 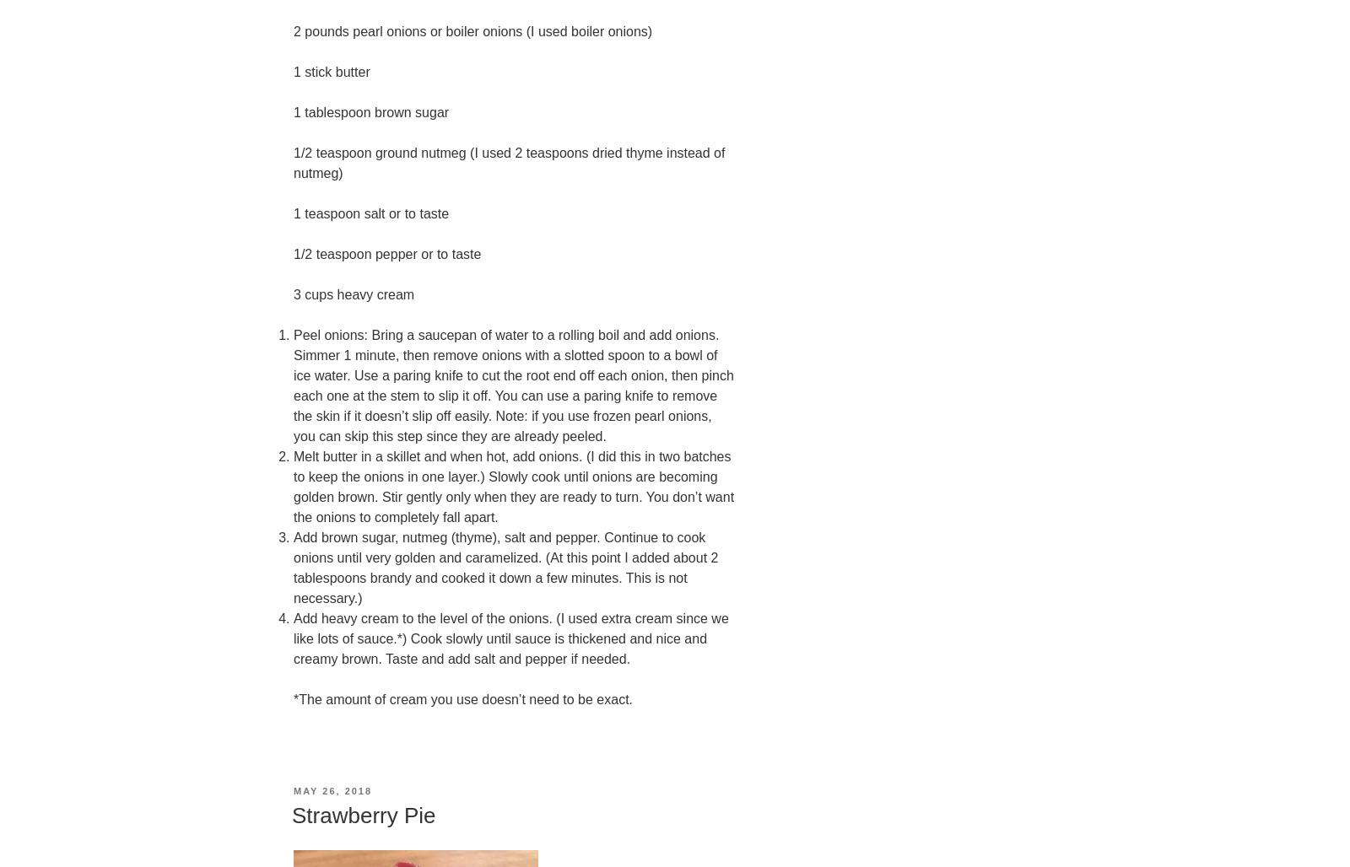 I want to click on '3 cups heavy cream', so click(x=294, y=293).